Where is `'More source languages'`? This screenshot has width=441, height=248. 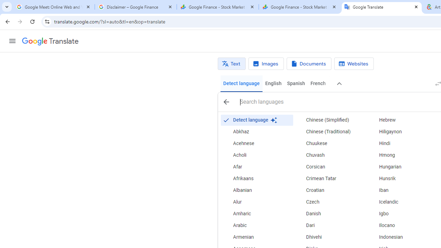
'More source languages' is located at coordinates (339, 83).